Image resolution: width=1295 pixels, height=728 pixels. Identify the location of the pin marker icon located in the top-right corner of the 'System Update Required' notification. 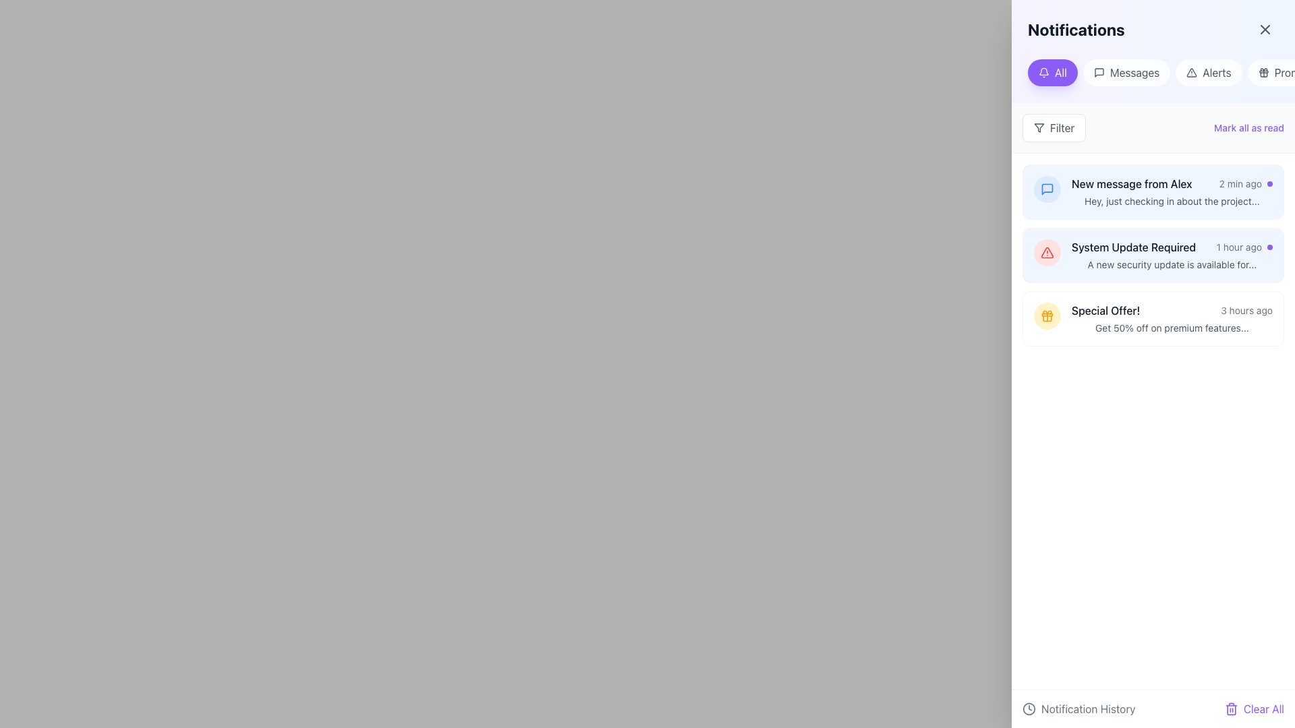
(1234, 254).